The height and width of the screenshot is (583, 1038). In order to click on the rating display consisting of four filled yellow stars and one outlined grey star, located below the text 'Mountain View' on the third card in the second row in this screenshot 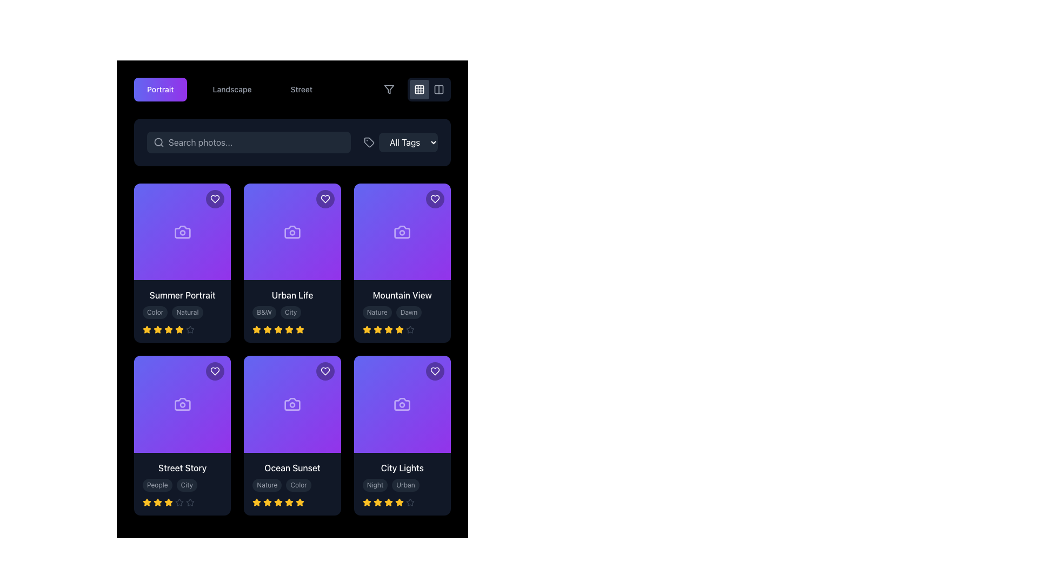, I will do `click(402, 329)`.